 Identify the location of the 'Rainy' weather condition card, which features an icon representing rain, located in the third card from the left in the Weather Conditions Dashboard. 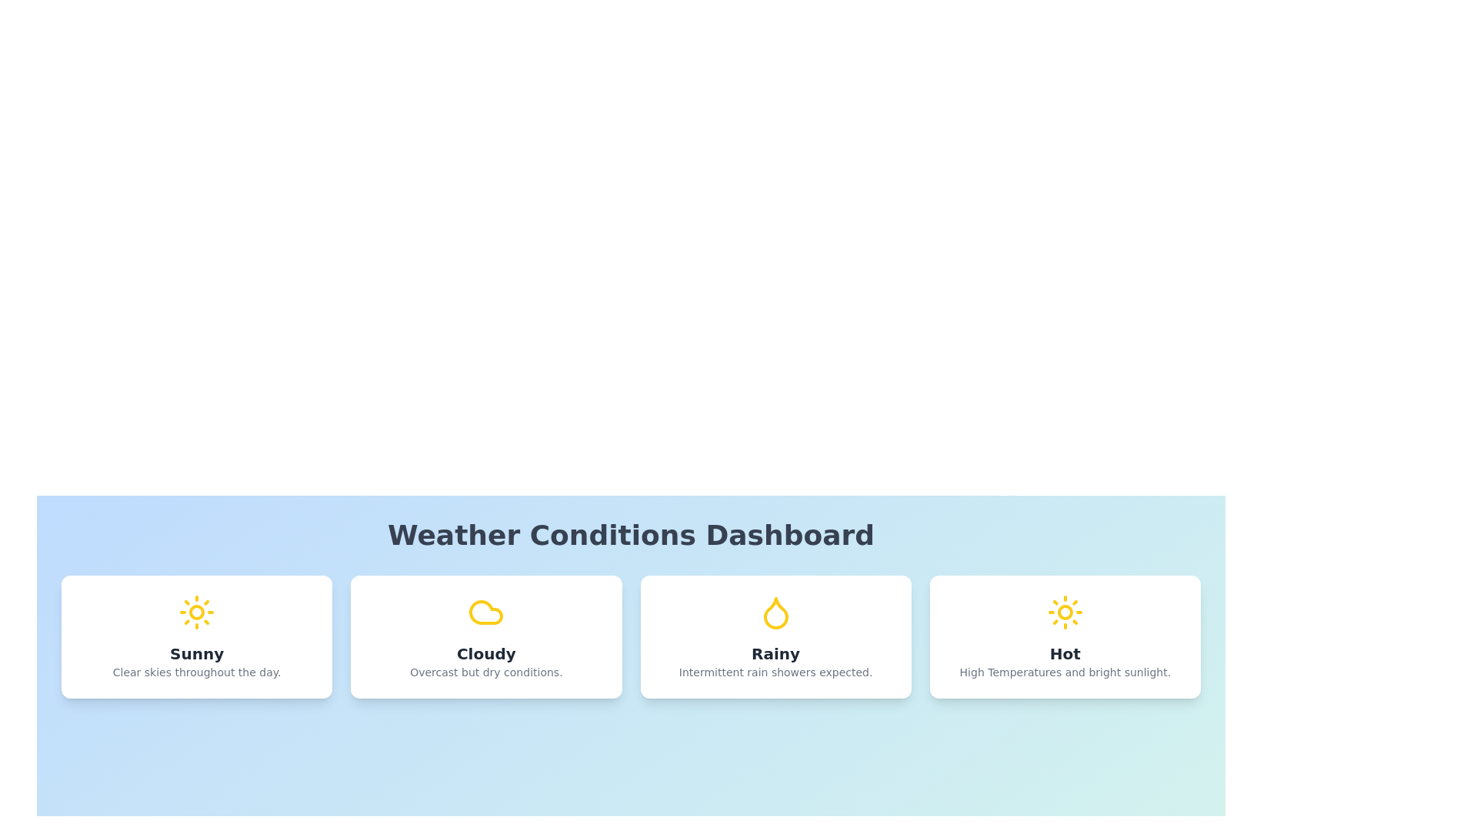
(775, 613).